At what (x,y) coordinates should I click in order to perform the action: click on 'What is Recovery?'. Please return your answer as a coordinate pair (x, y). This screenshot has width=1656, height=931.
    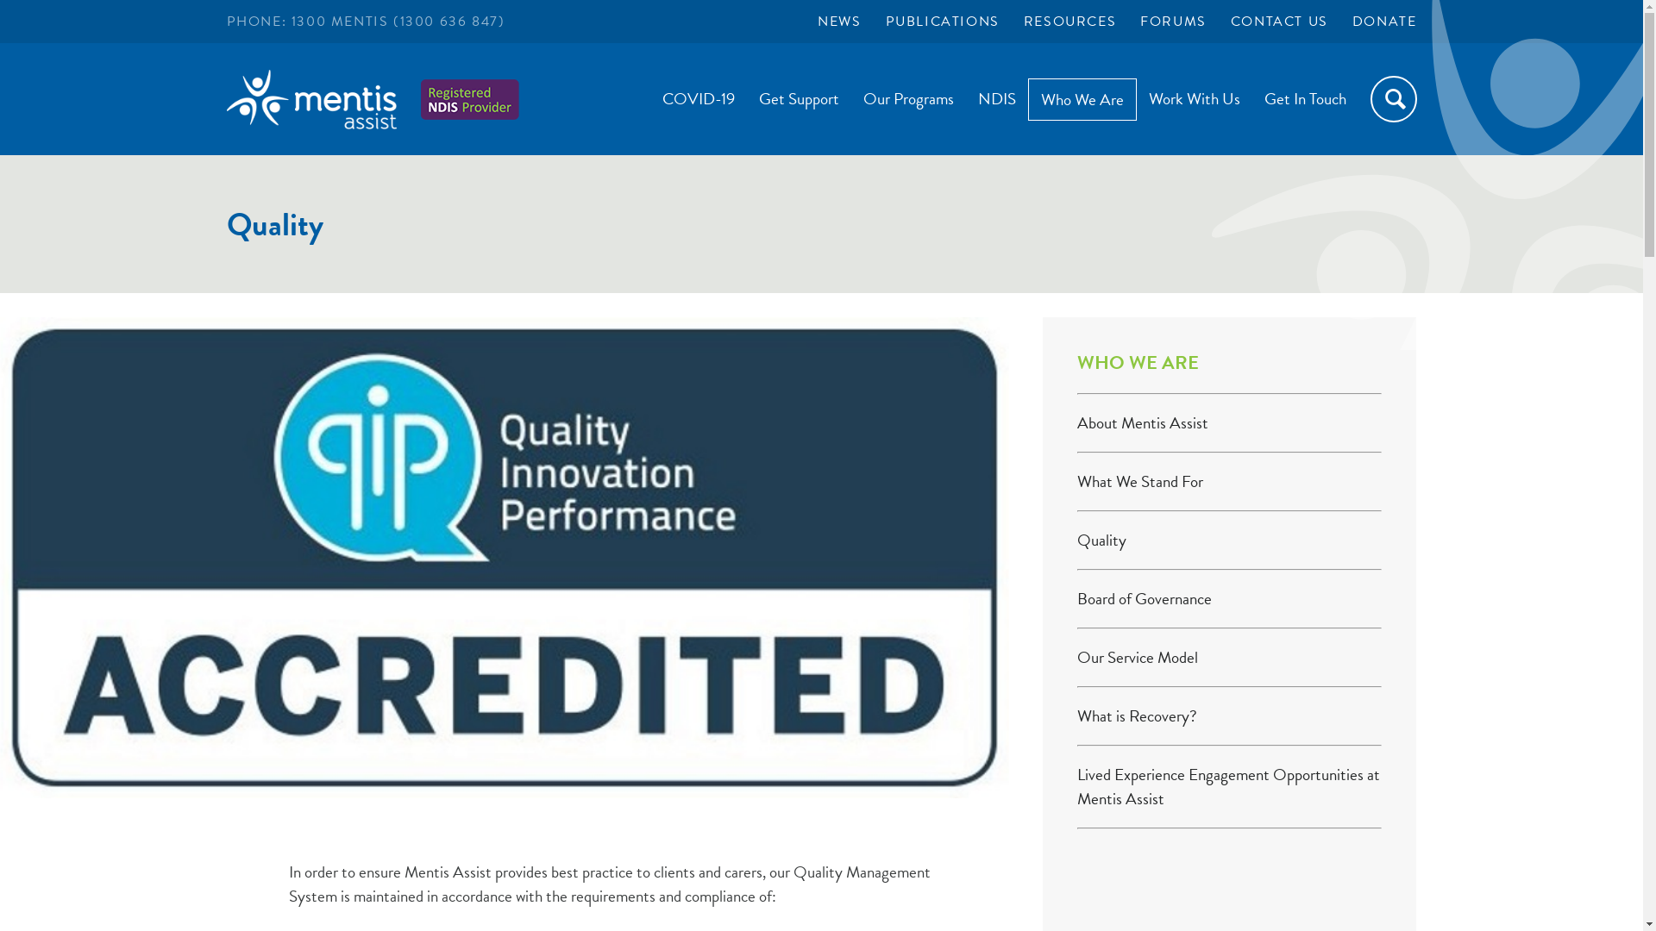
    Looking at the image, I should click on (1076, 715).